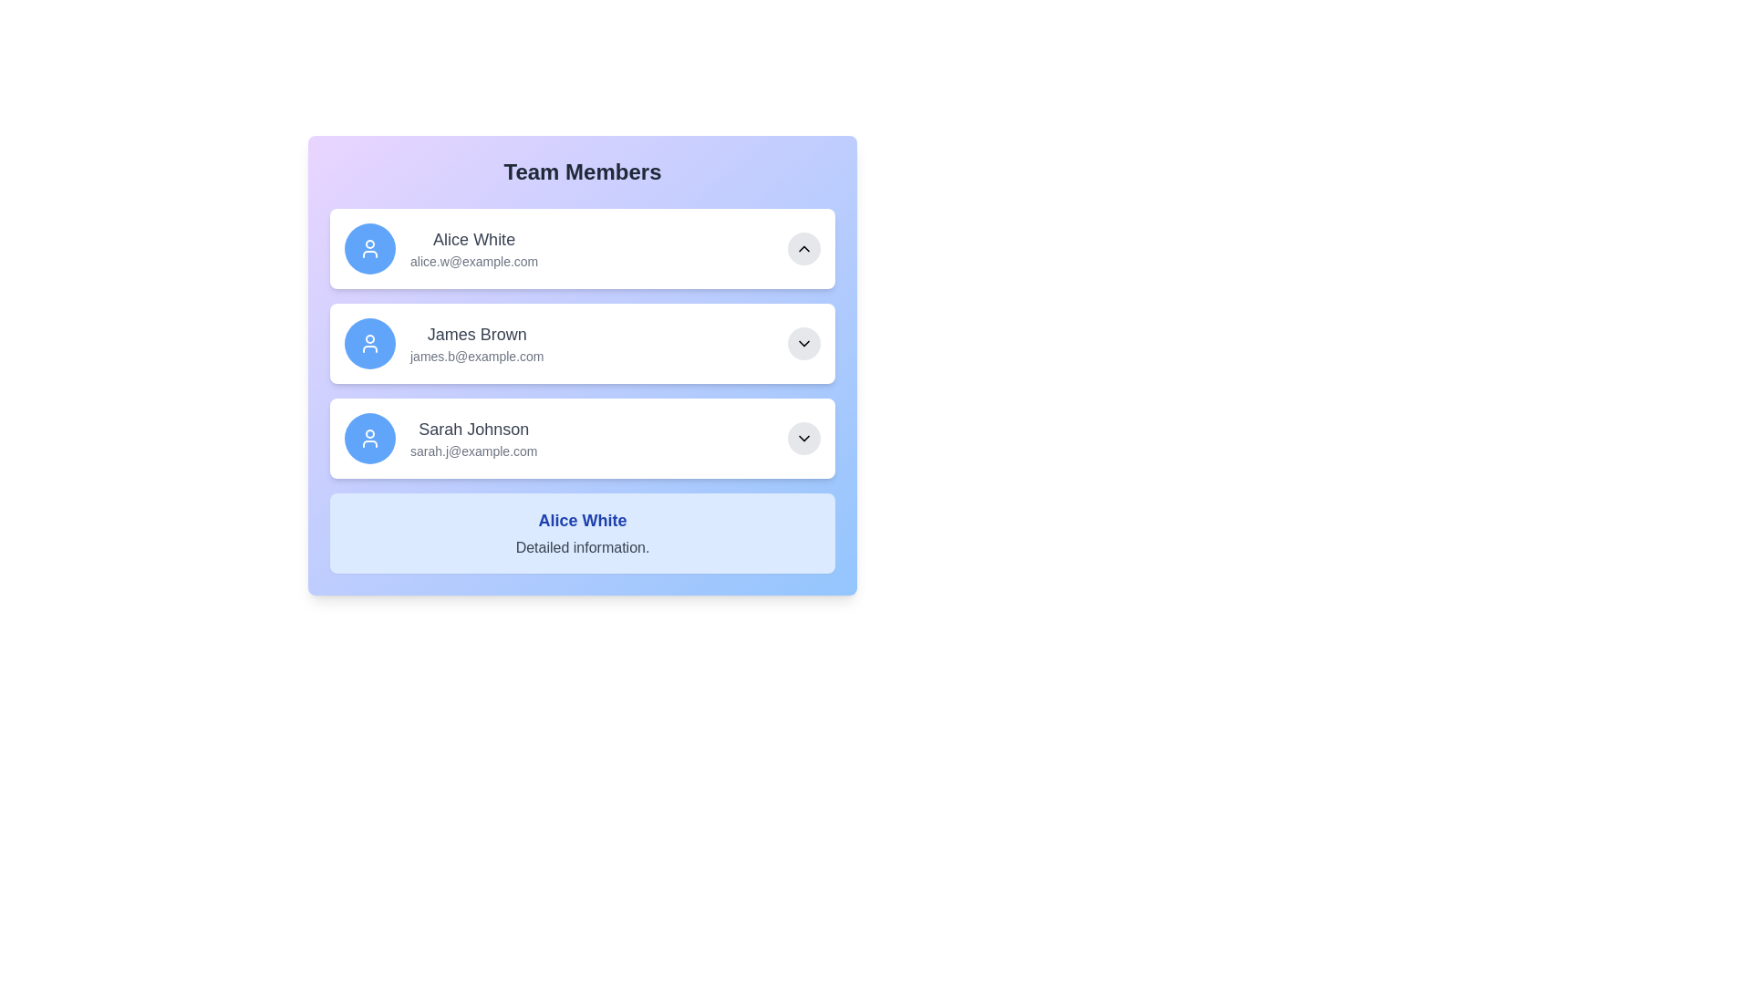 The image size is (1751, 985). I want to click on the profile avatar representing the user 'Sarah Johnson' located to the left of the text block containing 'Sarah Johnson' and 'sarah.j@example.com' in the 'Team Members' section, so click(369, 439).